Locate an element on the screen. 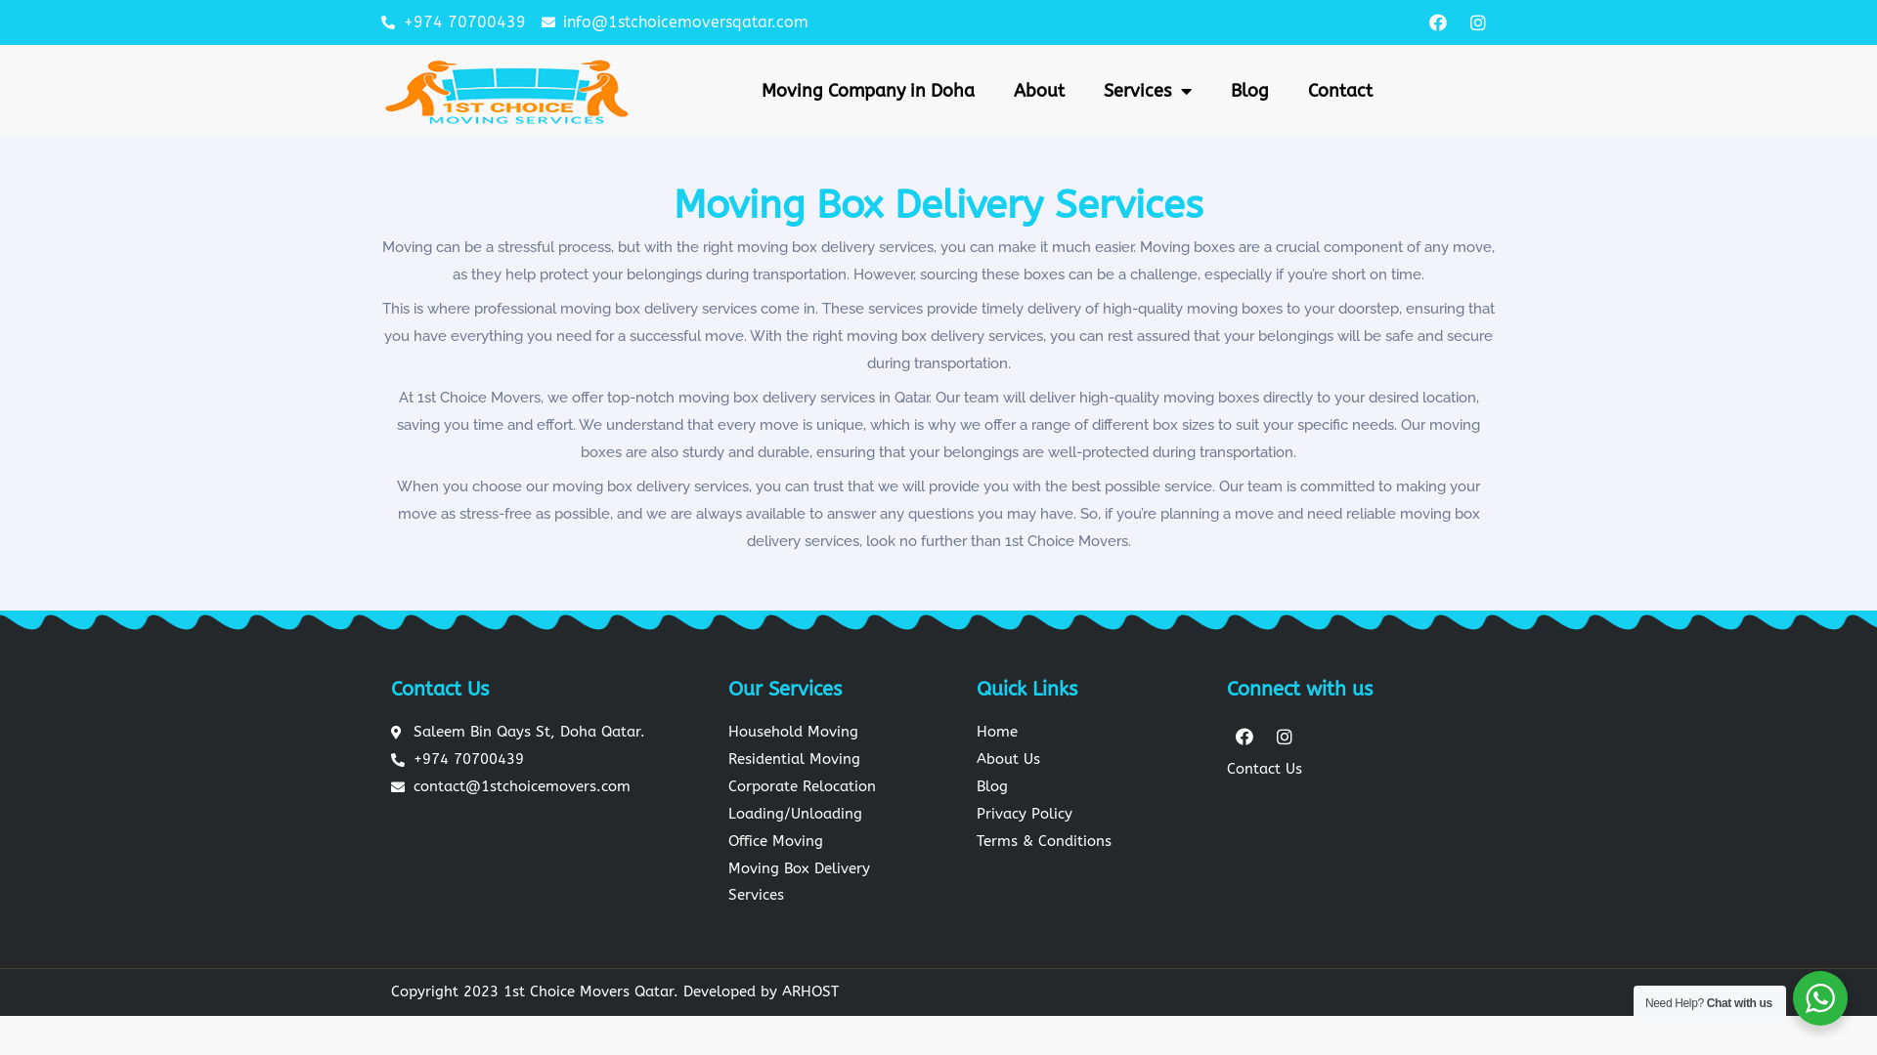  'Household Moving' is located at coordinates (828, 732).